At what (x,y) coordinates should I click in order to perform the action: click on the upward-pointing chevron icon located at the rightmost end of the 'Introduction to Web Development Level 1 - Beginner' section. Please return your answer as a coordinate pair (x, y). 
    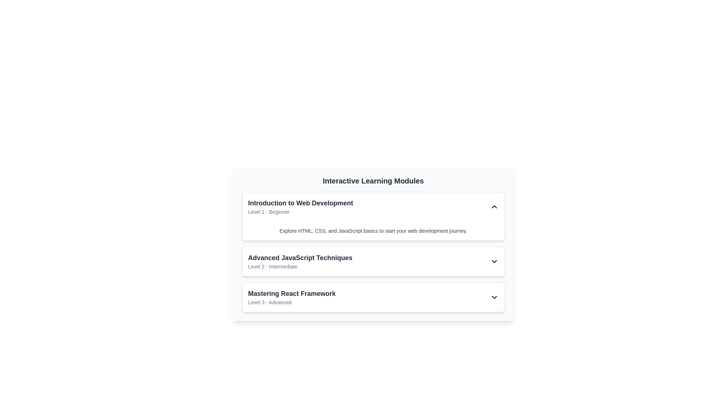
    Looking at the image, I should click on (494, 207).